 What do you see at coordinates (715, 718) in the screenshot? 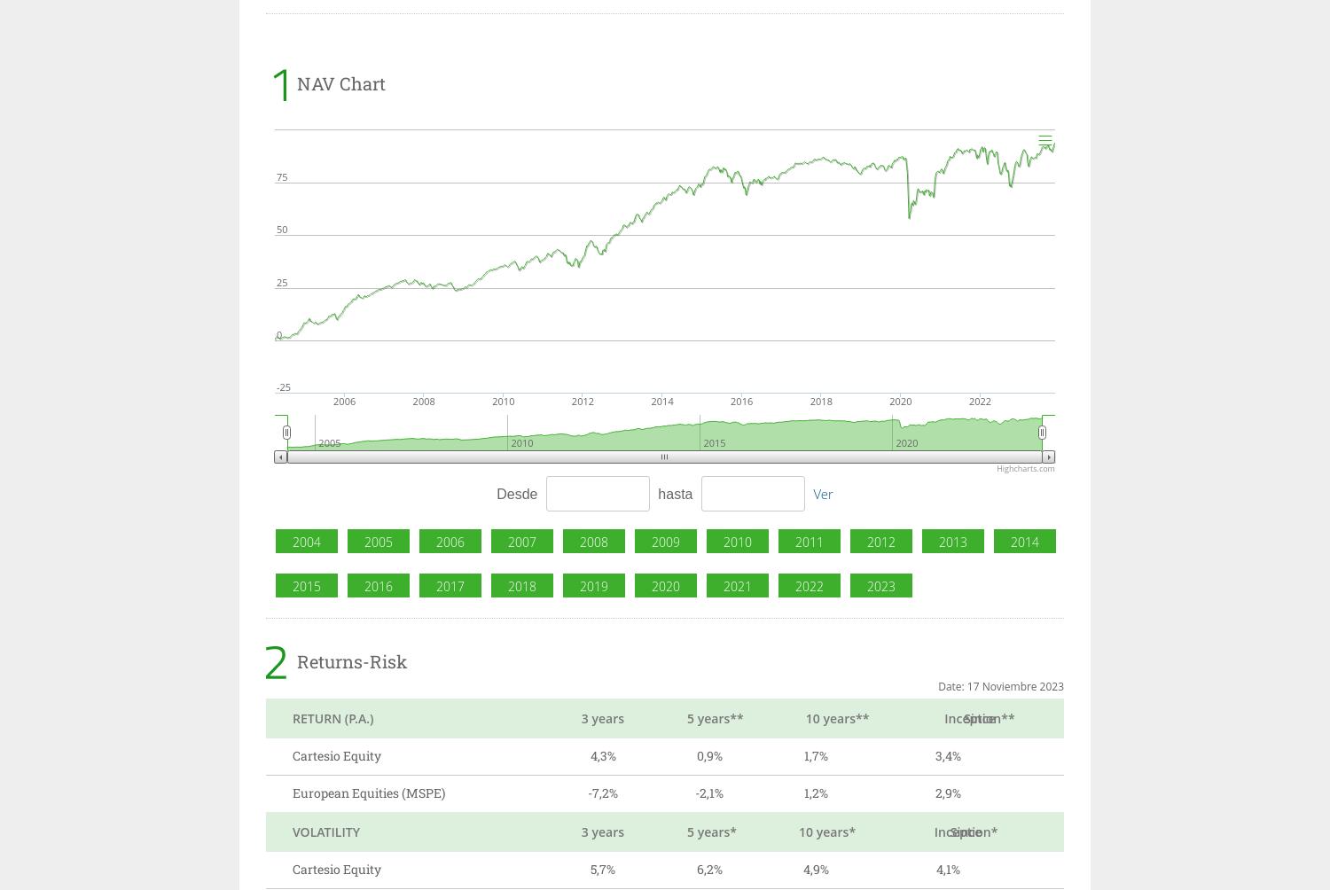
I see `'5 years**'` at bounding box center [715, 718].